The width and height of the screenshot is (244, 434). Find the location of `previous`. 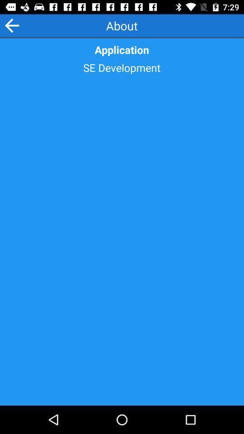

previous is located at coordinates (11, 25).